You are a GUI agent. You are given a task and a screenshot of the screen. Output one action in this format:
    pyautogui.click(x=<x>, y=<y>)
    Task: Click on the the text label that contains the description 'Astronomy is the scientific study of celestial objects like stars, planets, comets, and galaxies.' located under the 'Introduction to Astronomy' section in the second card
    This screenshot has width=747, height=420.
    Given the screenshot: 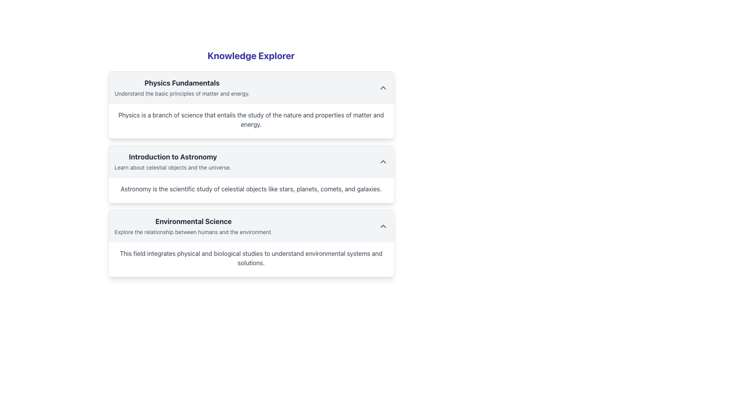 What is the action you would take?
    pyautogui.click(x=251, y=190)
    